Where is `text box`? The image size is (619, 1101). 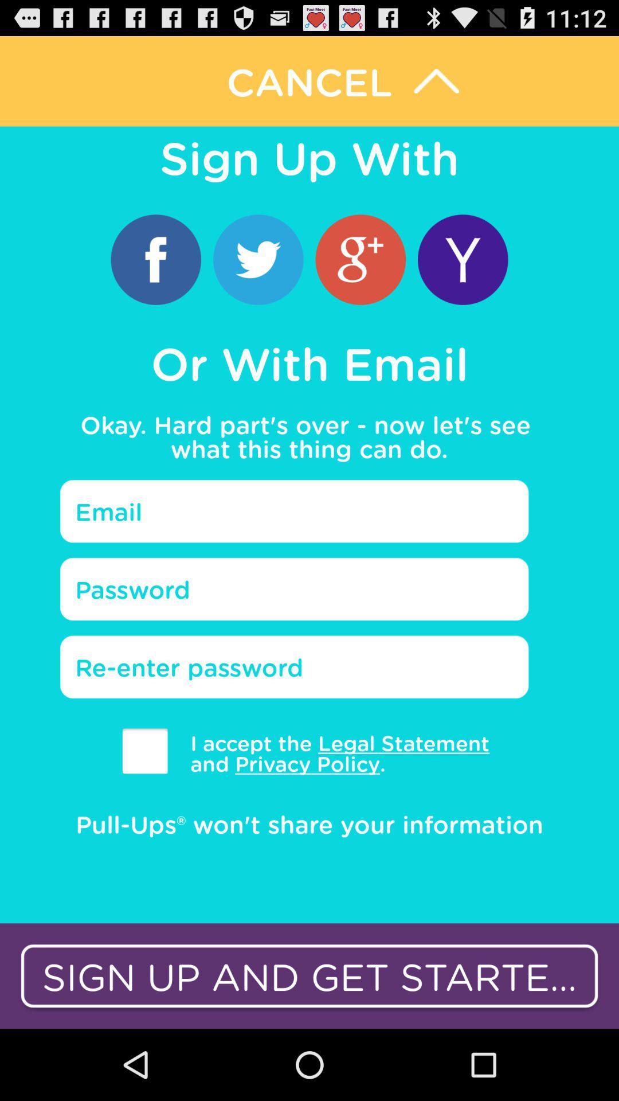
text box is located at coordinates (293, 589).